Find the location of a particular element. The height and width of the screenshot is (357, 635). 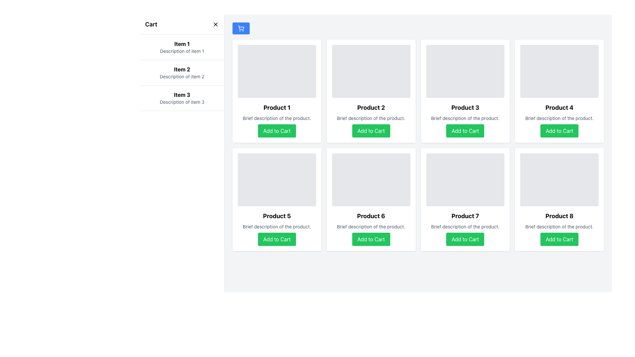

text from the gray Text Label located below the bold title 'Product 2' and above the 'Add to Cart' button in the card layout for 'Product 2' is located at coordinates (371, 118).